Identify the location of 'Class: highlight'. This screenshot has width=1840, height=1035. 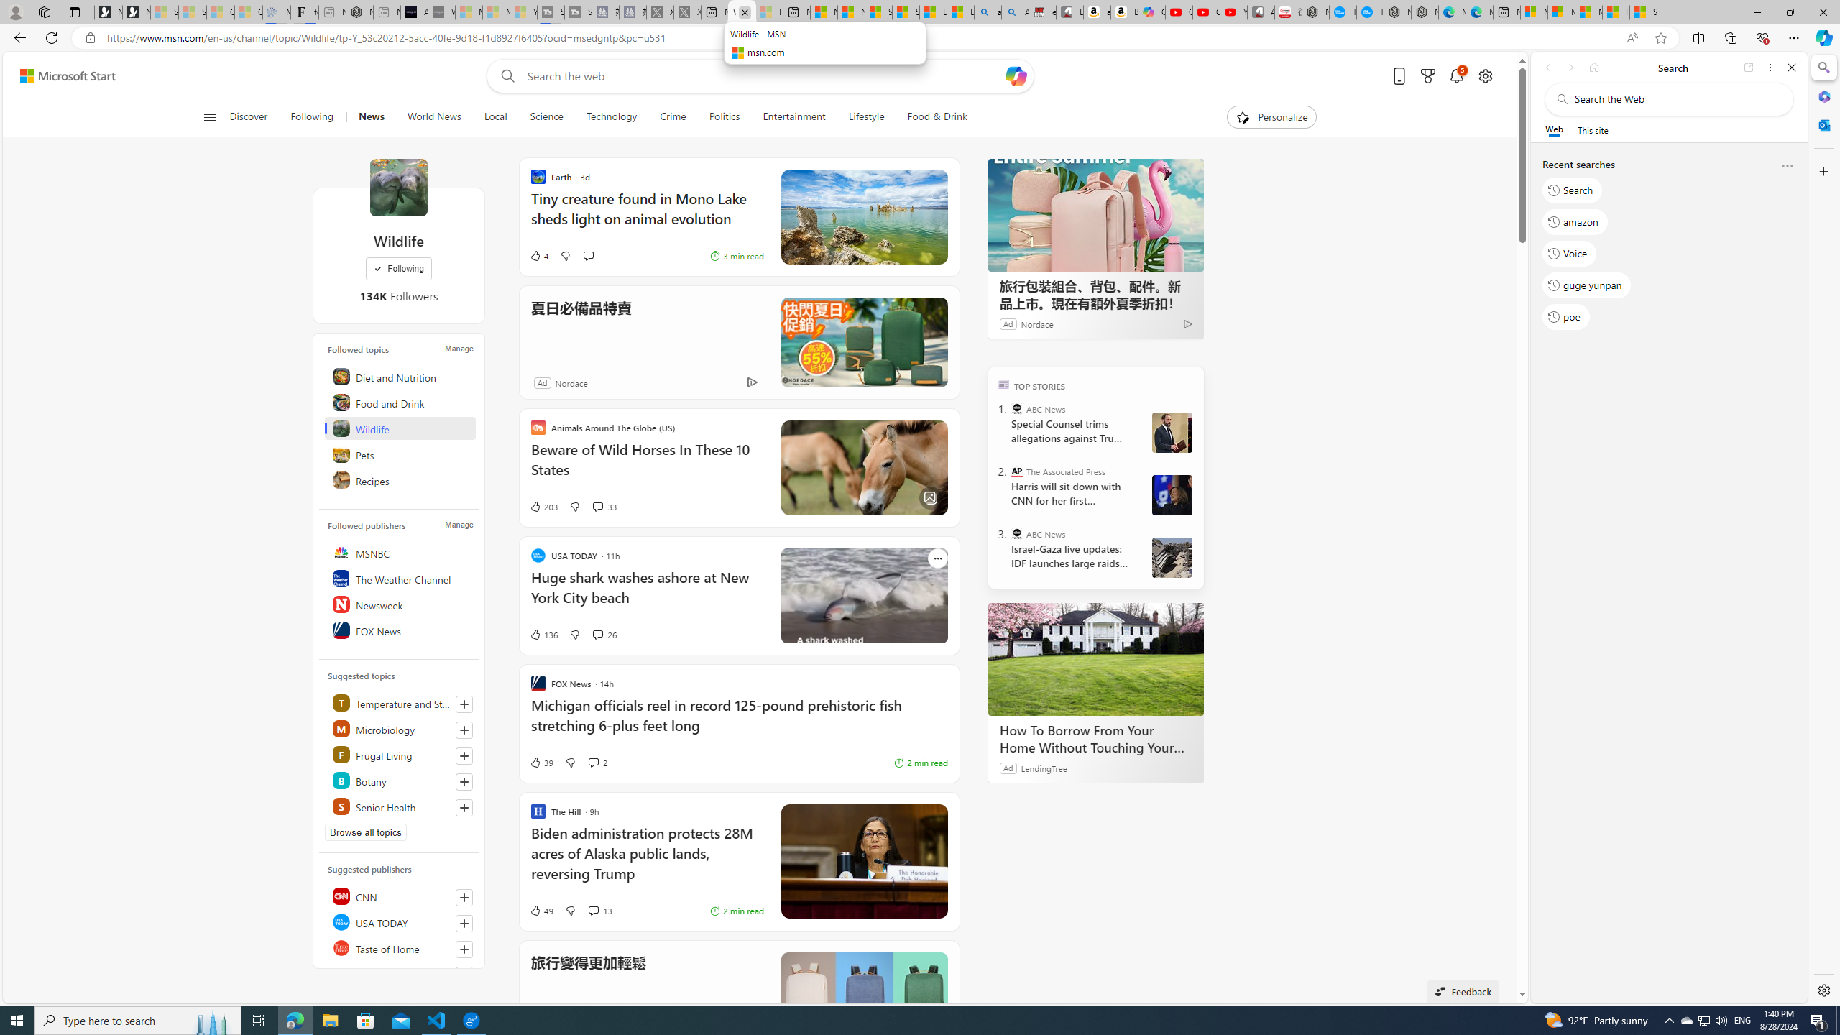
(401, 806).